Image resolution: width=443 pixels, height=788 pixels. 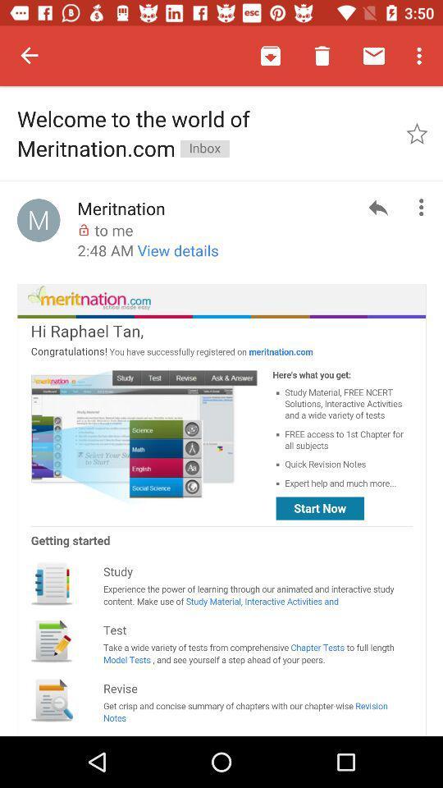 I want to click on the reply icon, so click(x=378, y=206).